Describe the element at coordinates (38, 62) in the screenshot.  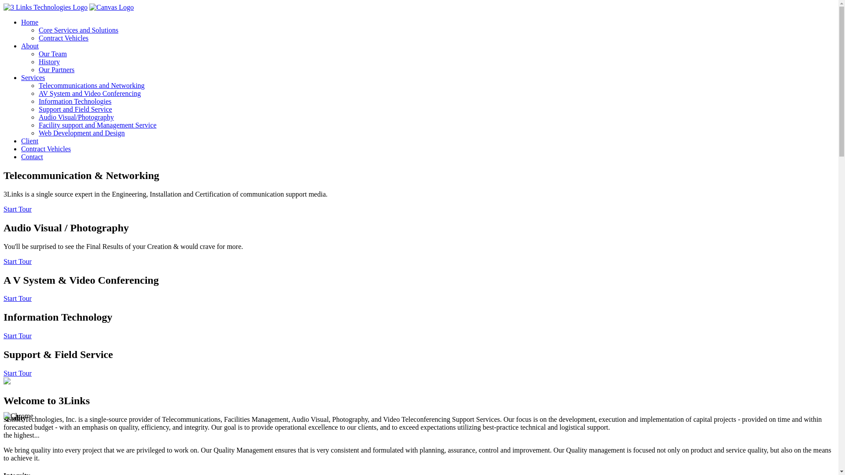
I see `'History'` at that location.